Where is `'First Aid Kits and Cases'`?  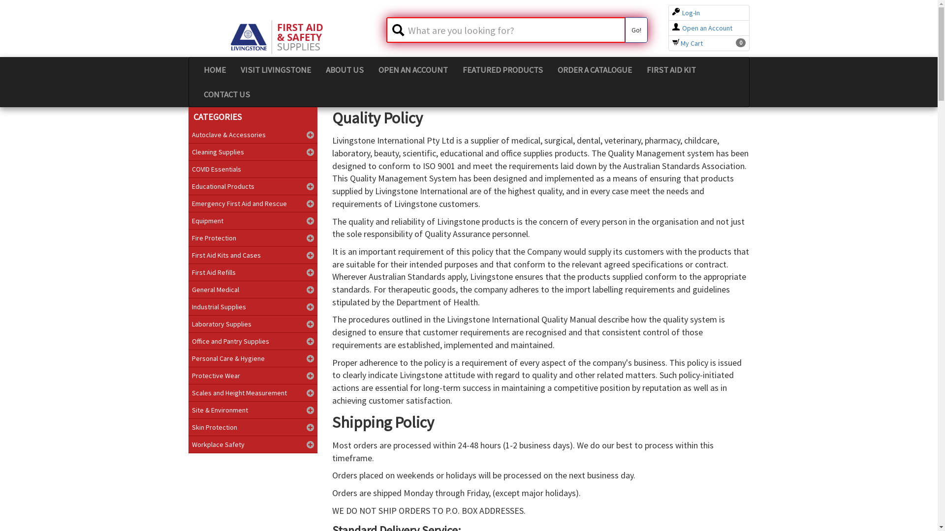 'First Aid Kits and Cases' is located at coordinates (252, 255).